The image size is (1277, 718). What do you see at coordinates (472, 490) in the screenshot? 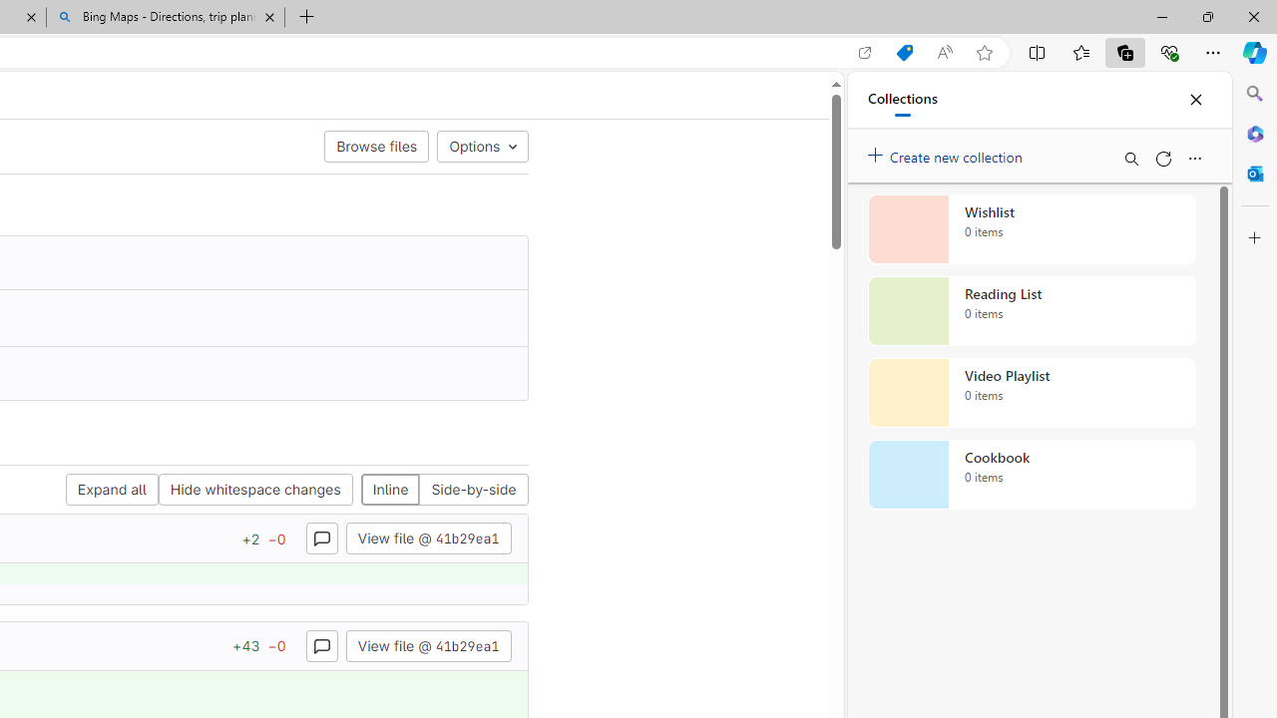
I see `'Side-by-side'` at bounding box center [472, 490].